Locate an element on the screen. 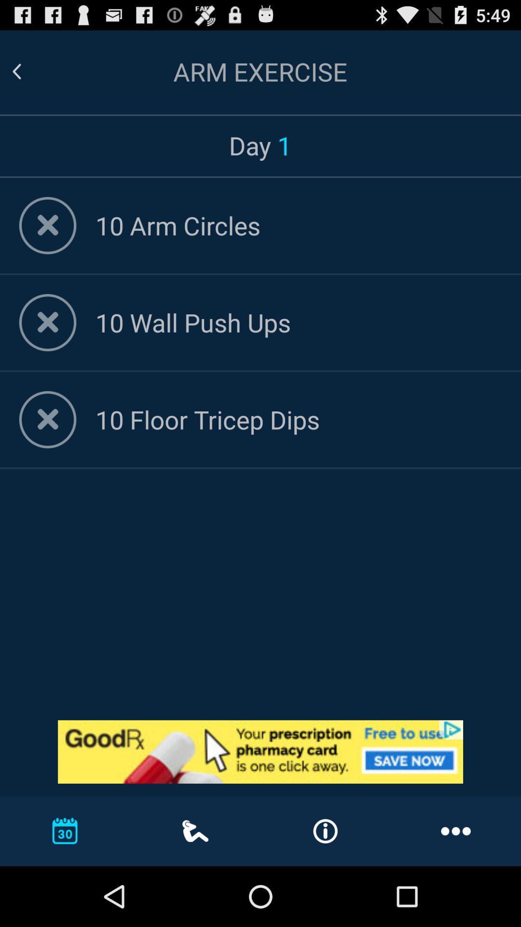 The height and width of the screenshot is (927, 521). advertisement is located at coordinates (260, 751).